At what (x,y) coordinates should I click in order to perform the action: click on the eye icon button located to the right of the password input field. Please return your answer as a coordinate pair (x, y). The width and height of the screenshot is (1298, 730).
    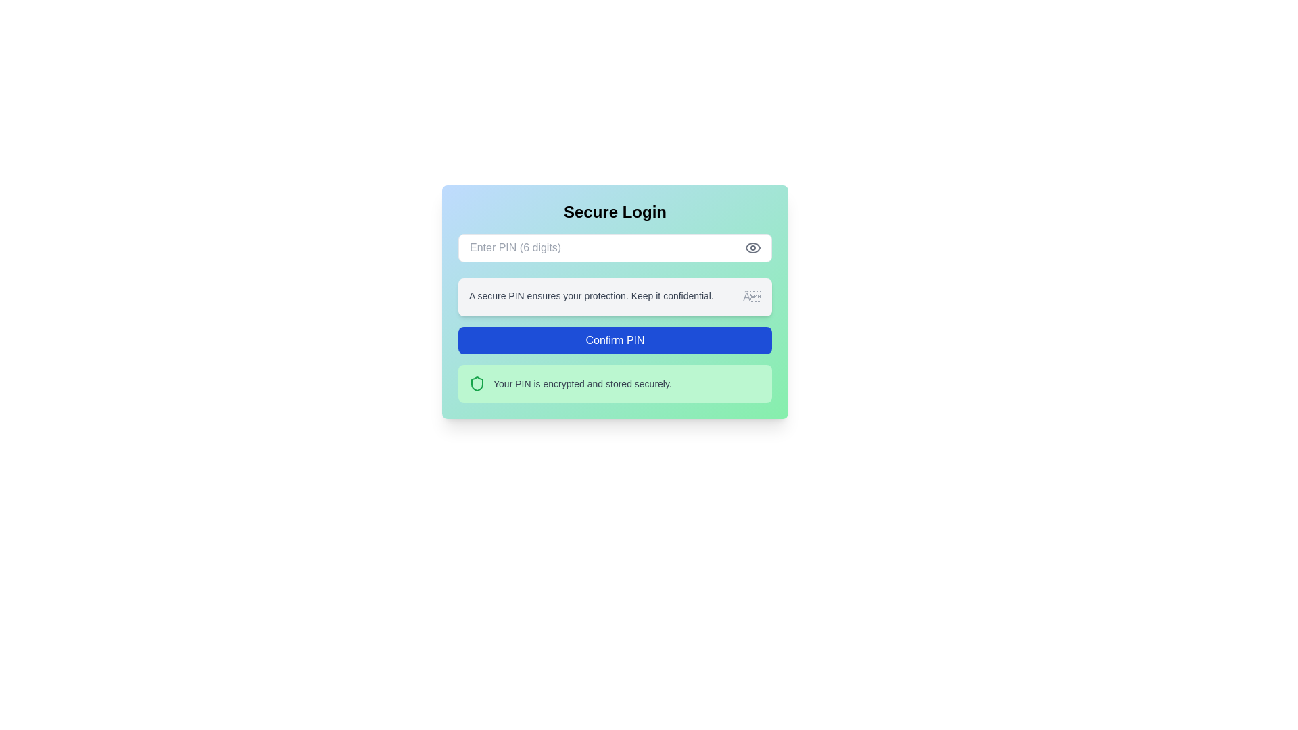
    Looking at the image, I should click on (752, 247).